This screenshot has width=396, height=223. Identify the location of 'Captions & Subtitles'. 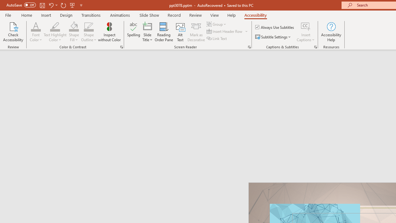
(316, 46).